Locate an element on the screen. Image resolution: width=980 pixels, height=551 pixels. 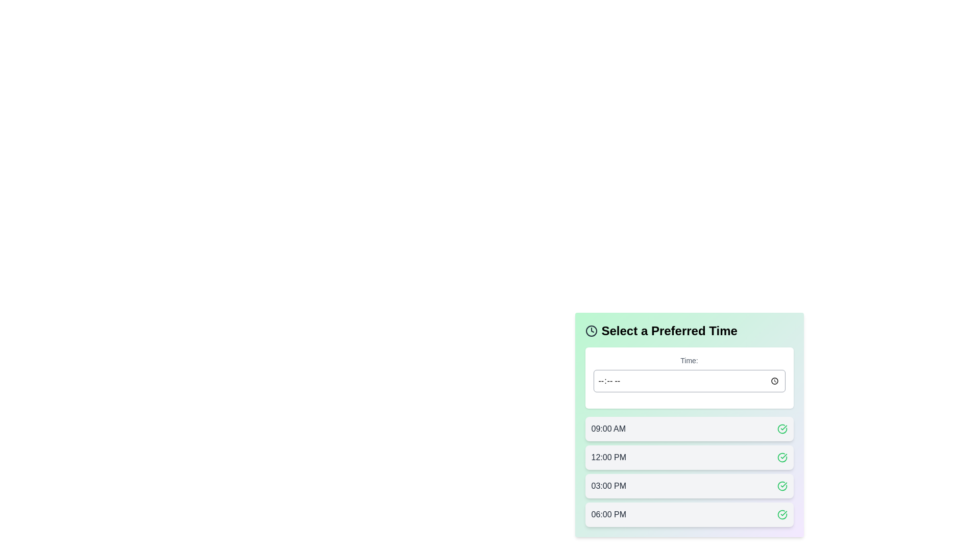
the label displaying 'Time:' which is styled in gray color and positioned above the time input field within a minimalistic panel is located at coordinates (689, 360).